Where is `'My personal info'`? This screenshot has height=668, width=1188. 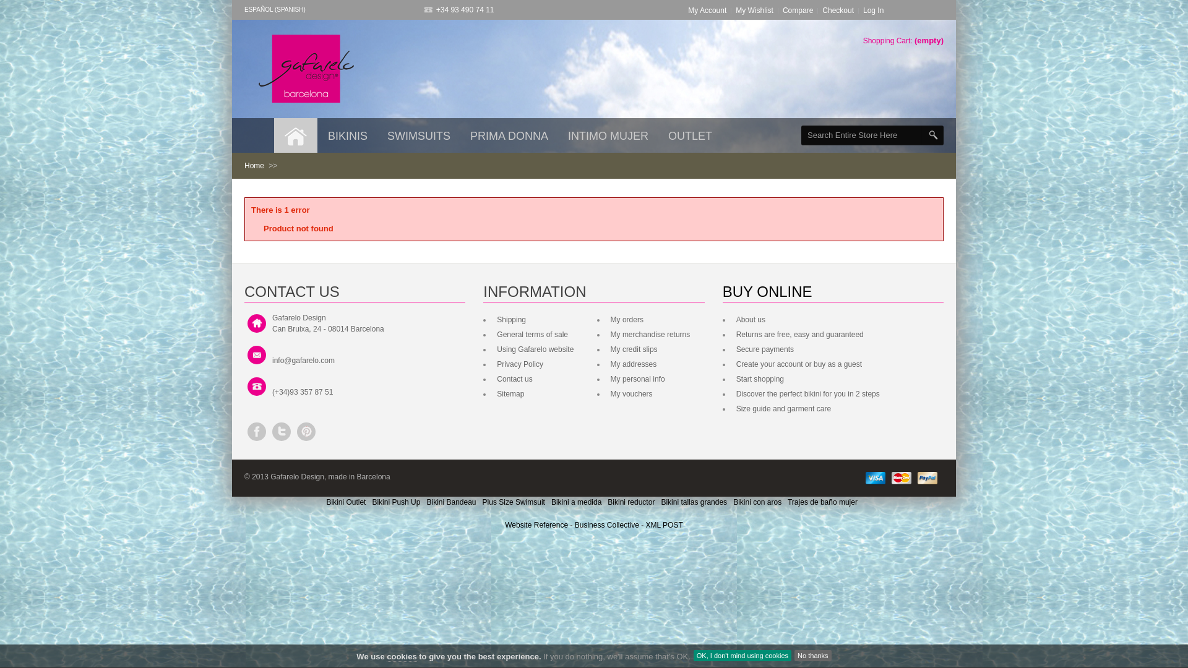 'My personal info' is located at coordinates (636, 379).